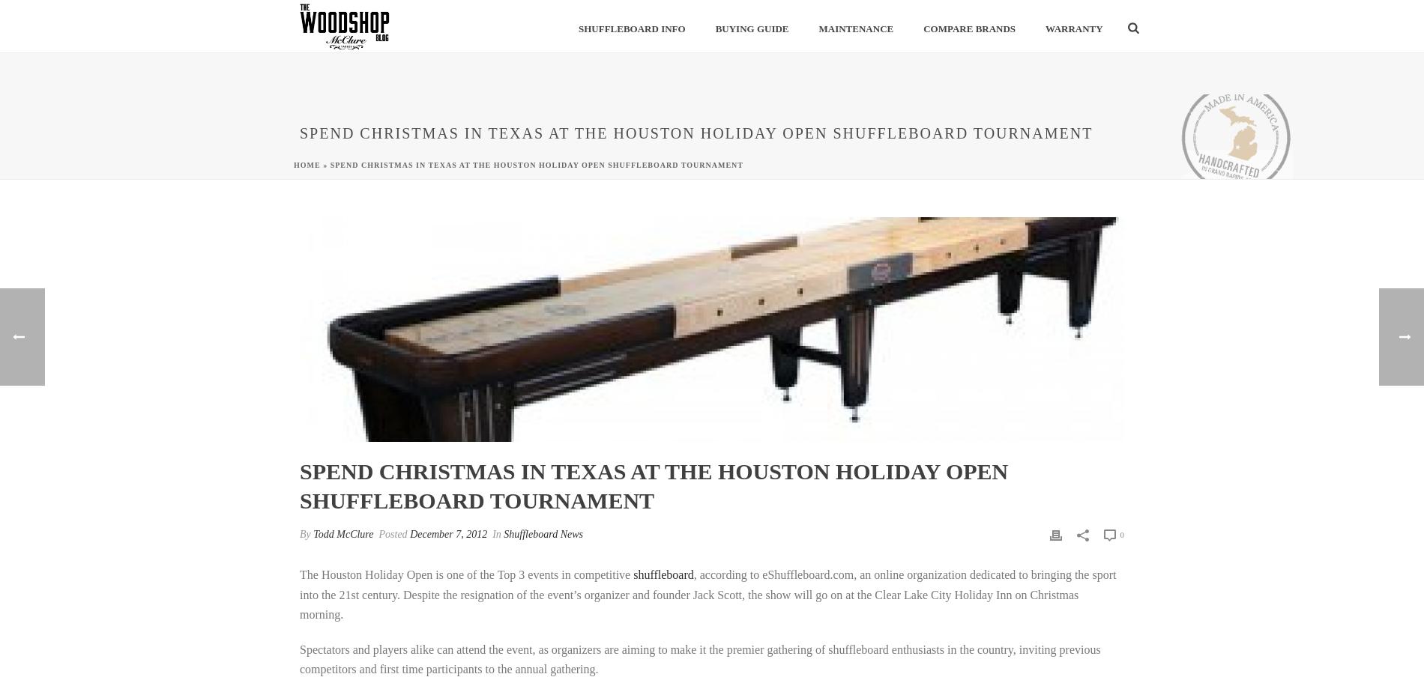  Describe the element at coordinates (1120, 534) in the screenshot. I see `'0'` at that location.